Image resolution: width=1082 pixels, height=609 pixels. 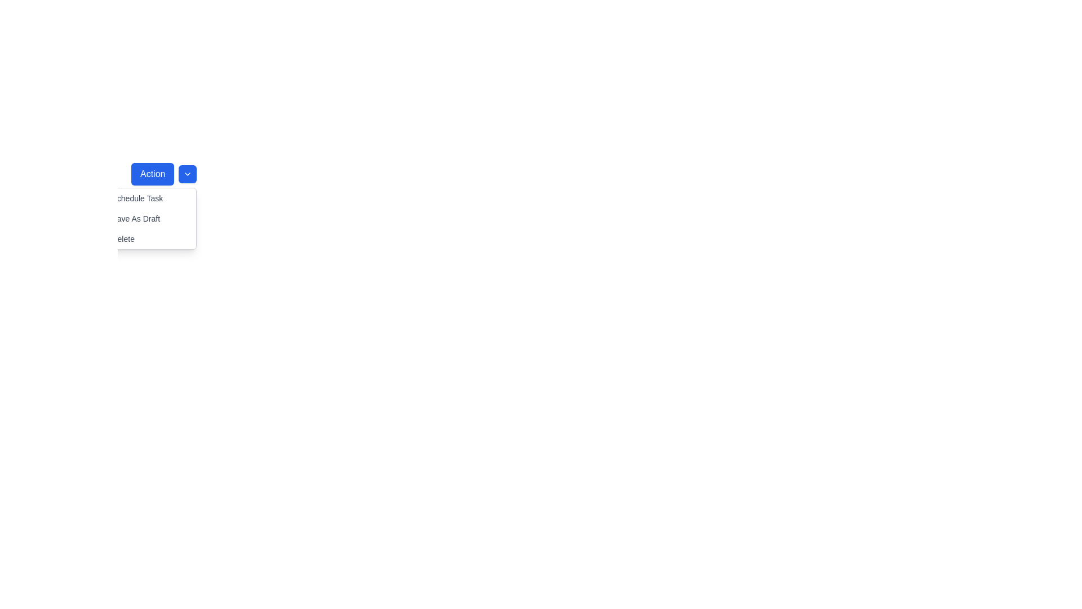 What do you see at coordinates (188, 174) in the screenshot?
I see `the Chevron Down icon next to the 'Action' text button` at bounding box center [188, 174].